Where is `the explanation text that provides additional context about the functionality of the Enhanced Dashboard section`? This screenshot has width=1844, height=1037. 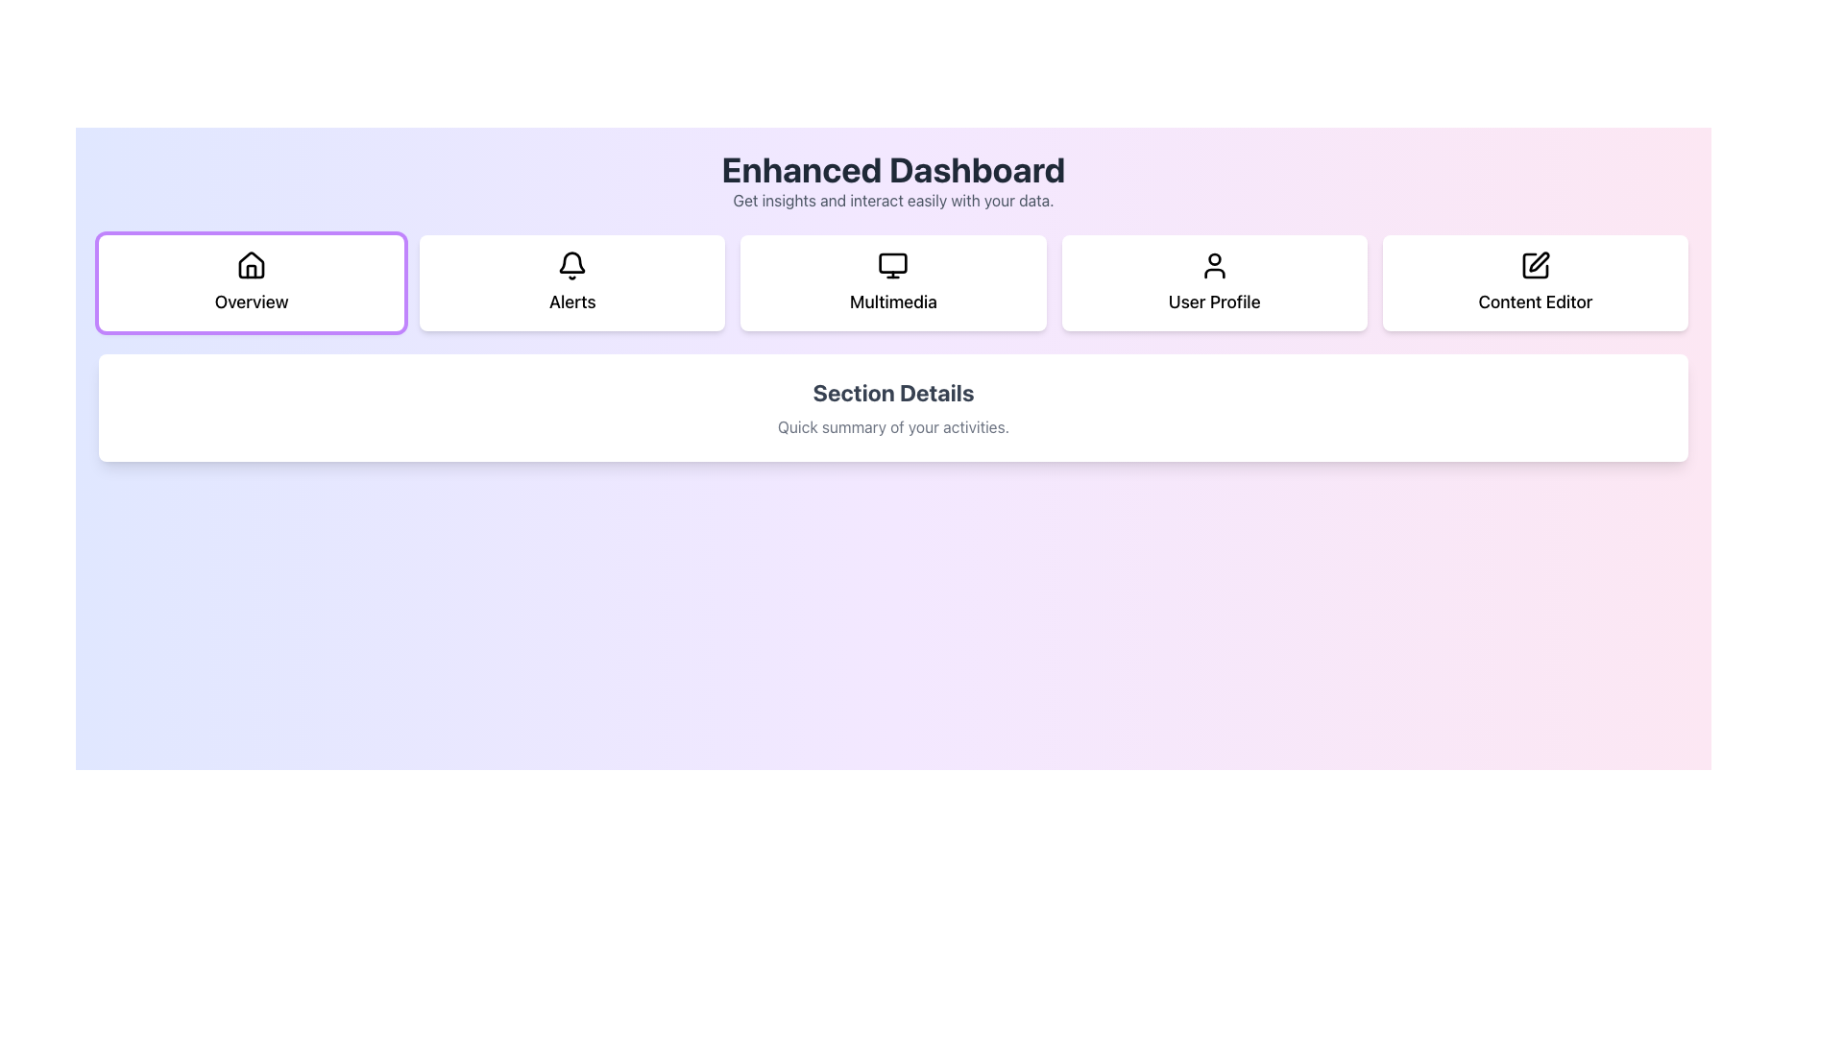
the explanation text that provides additional context about the functionality of the Enhanced Dashboard section is located at coordinates (892, 200).